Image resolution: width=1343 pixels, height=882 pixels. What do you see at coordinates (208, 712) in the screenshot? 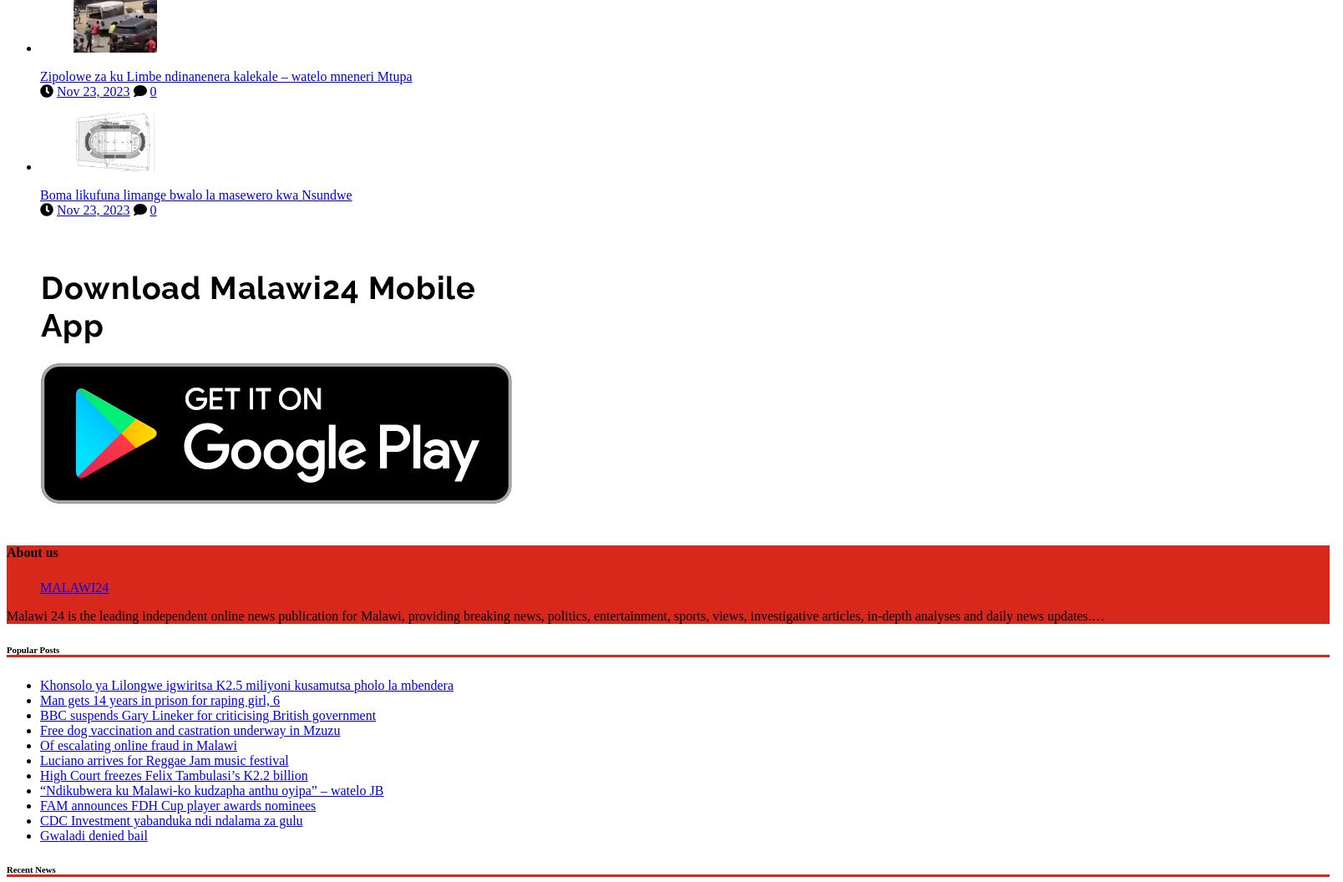
I see `'BBC suspends Gary Lineker for criticising British government'` at bounding box center [208, 712].